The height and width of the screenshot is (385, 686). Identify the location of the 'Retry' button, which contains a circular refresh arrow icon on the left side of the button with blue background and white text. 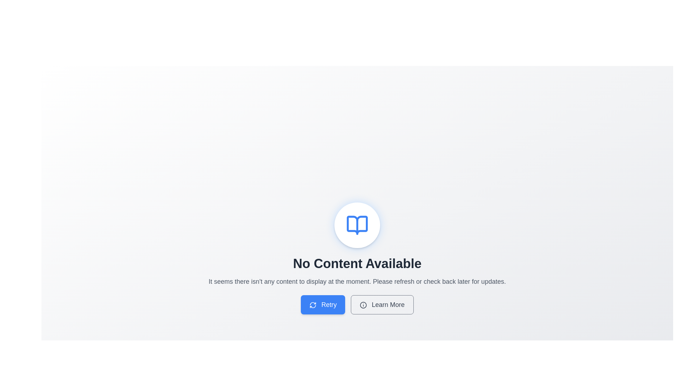
(313, 305).